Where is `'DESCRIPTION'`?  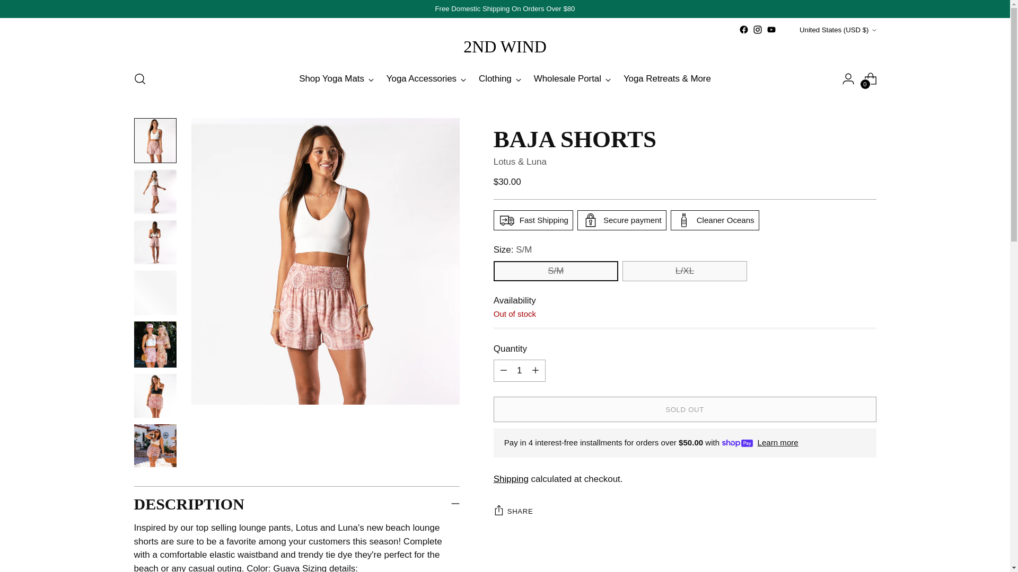 'DESCRIPTION' is located at coordinates (296, 503).